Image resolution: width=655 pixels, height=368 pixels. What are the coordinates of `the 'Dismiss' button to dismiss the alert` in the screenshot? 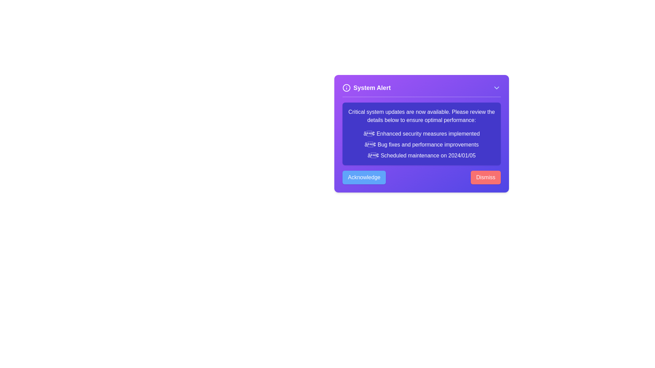 It's located at (485, 177).